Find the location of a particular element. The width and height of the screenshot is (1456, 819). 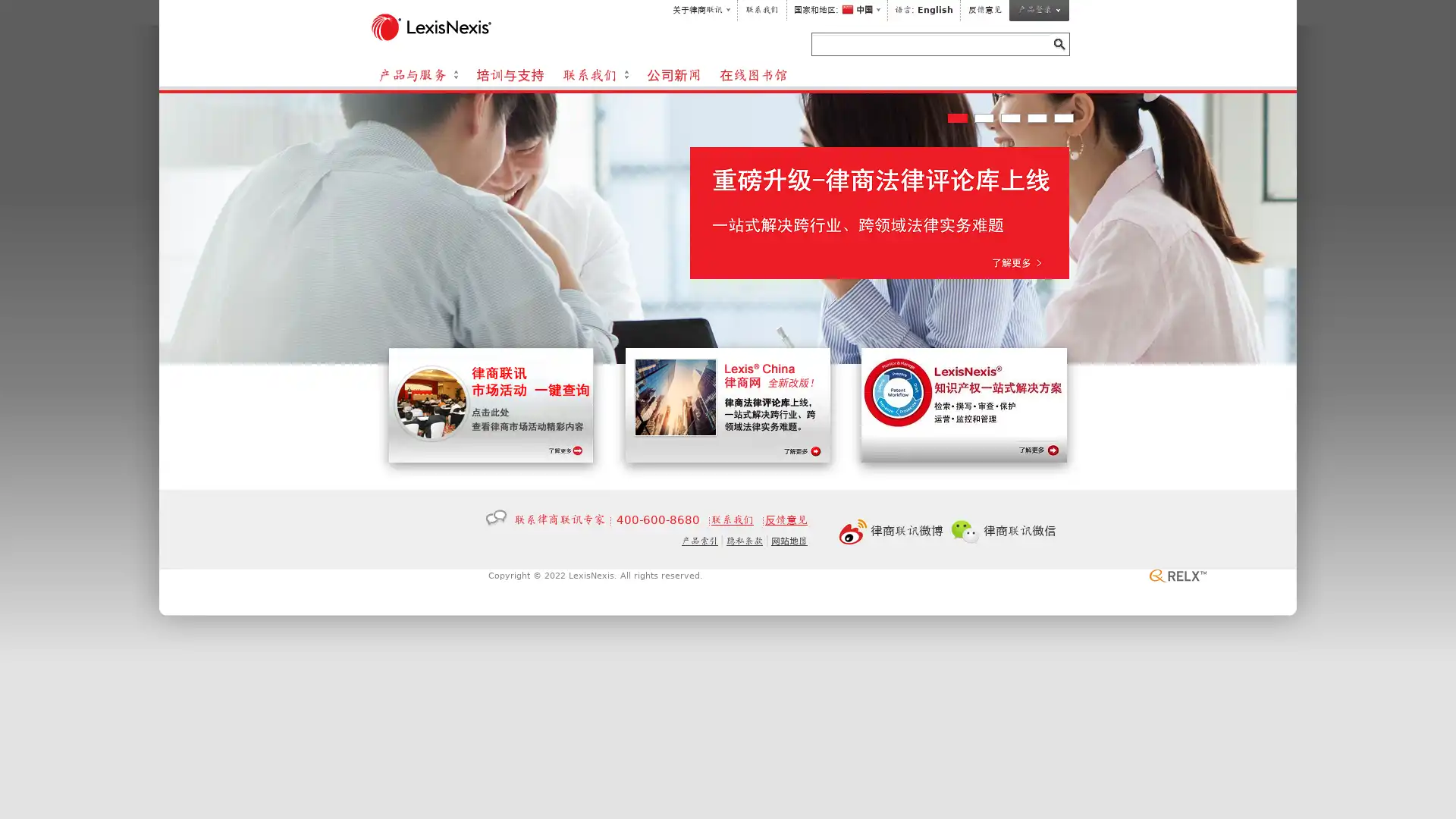

Search is located at coordinates (1058, 43).